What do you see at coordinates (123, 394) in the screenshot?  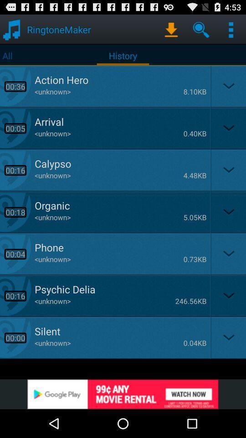 I see `advertisement page` at bounding box center [123, 394].